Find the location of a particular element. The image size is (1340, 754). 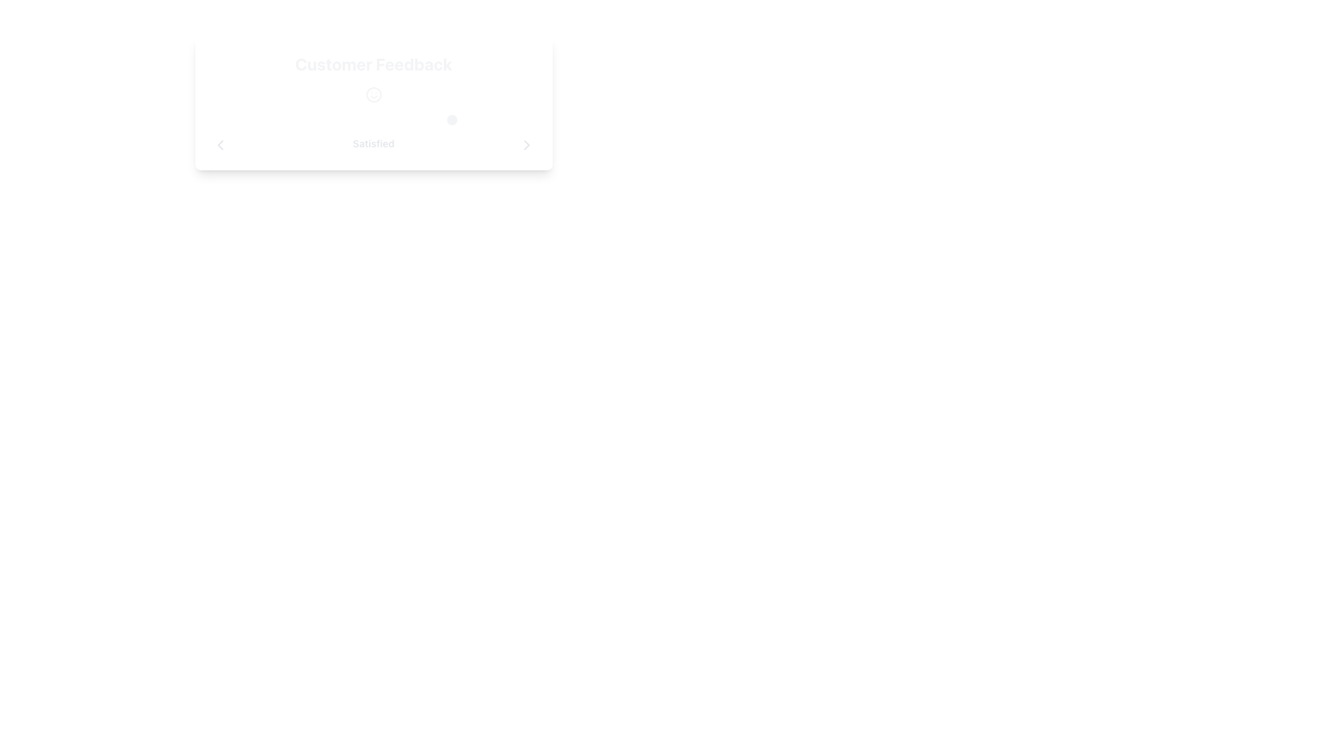

the slider is located at coordinates (292, 119).